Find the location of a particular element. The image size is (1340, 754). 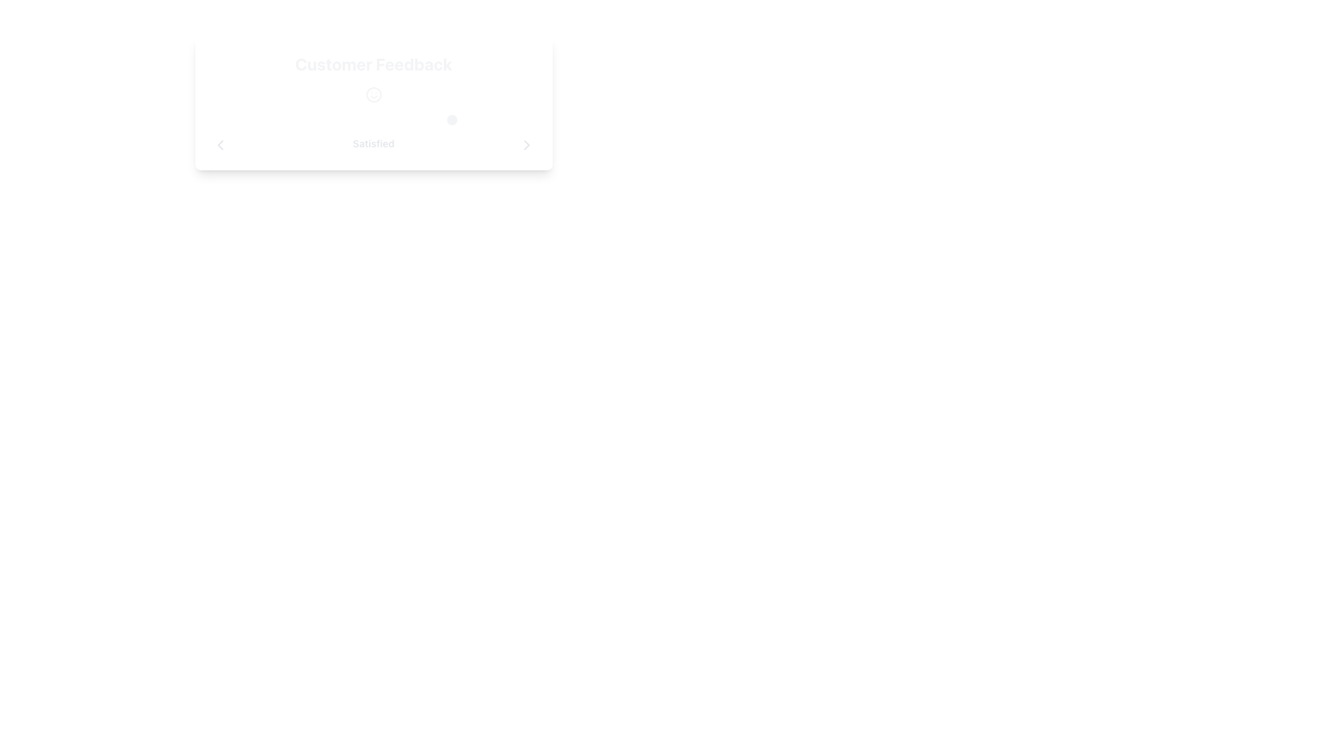

the slider is located at coordinates (292, 119).